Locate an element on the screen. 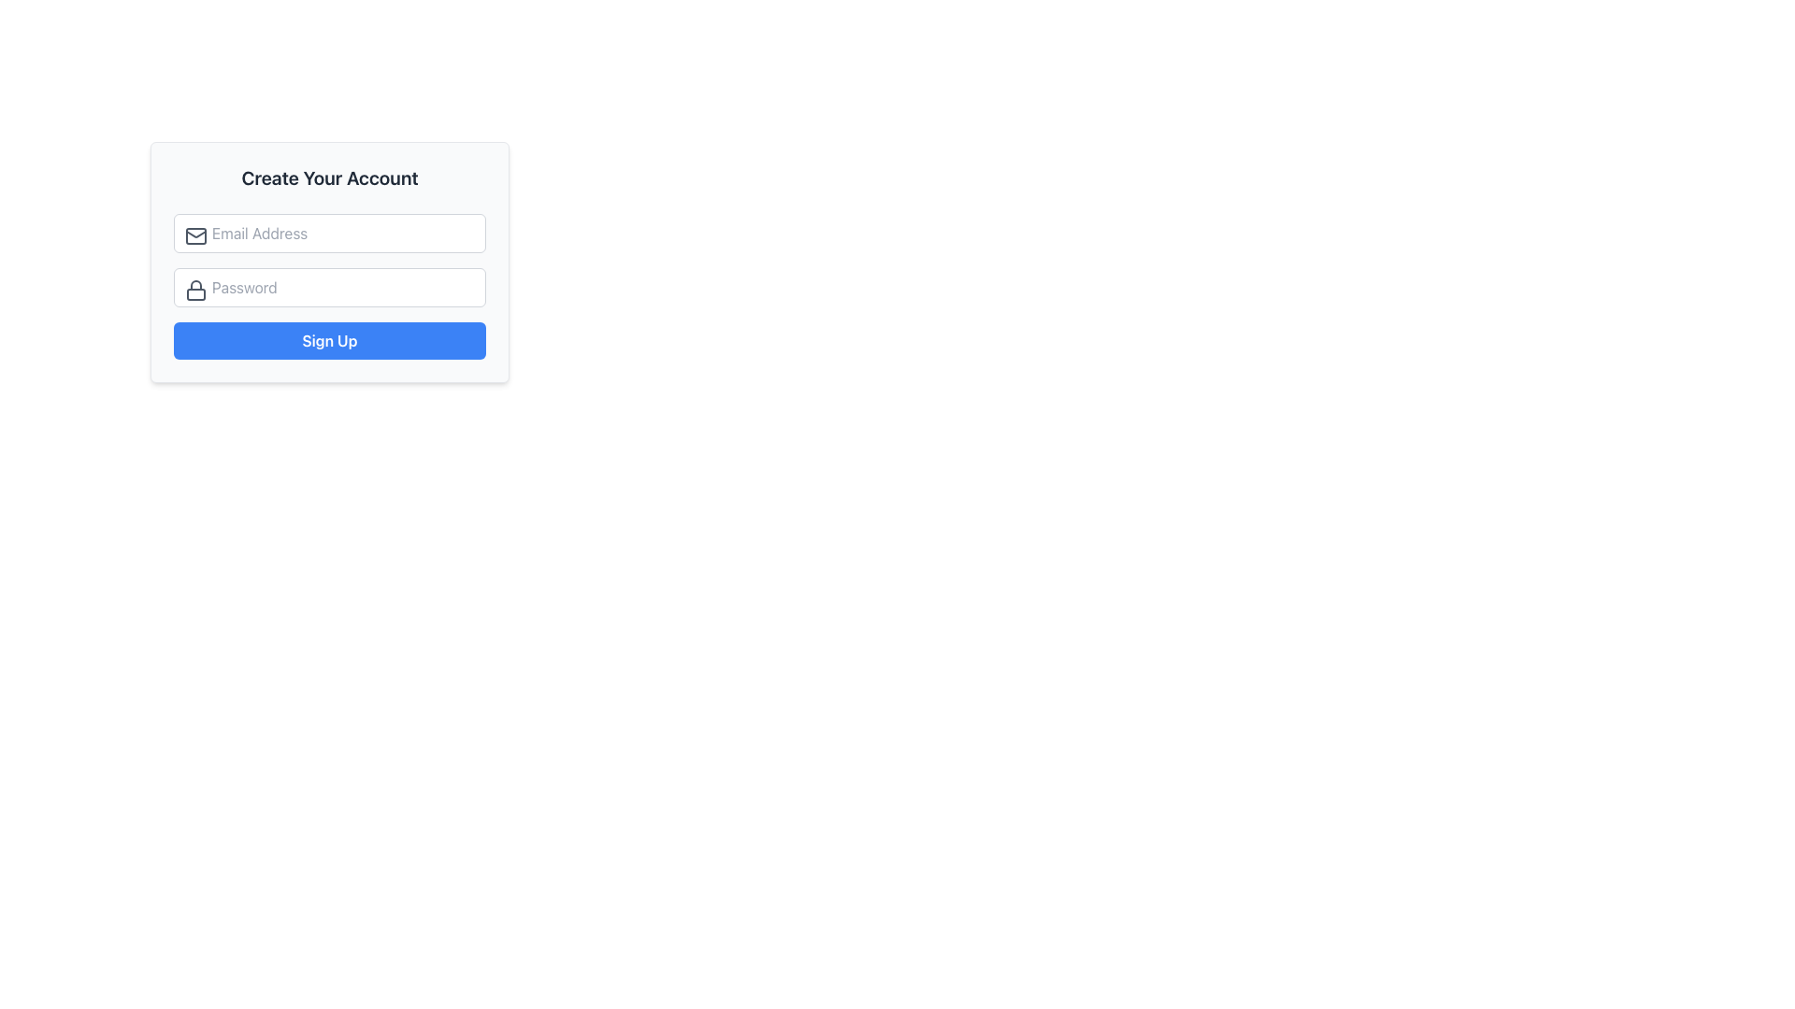 The image size is (1795, 1009). the 'Sign Up' button located at the bottom of the 'Create Your Account' form is located at coordinates (330, 341).